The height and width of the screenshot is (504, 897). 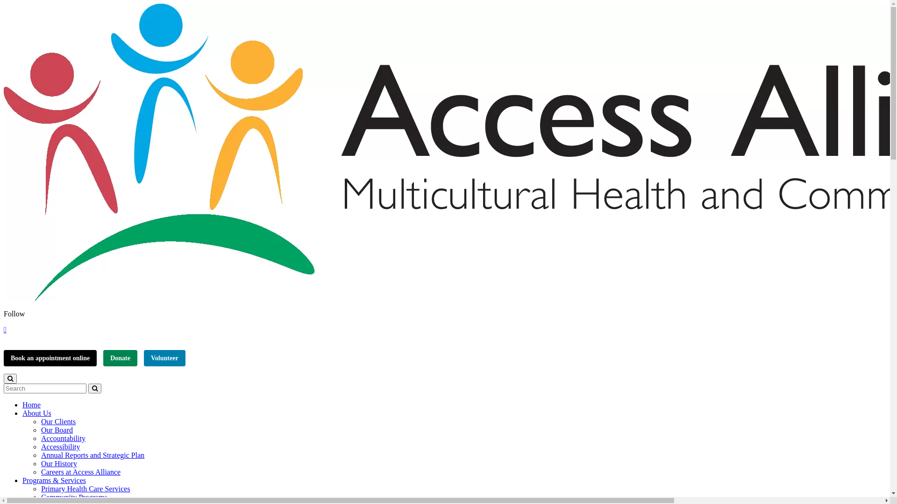 I want to click on 'Annual Reports and Strategic Plan', so click(x=93, y=455).